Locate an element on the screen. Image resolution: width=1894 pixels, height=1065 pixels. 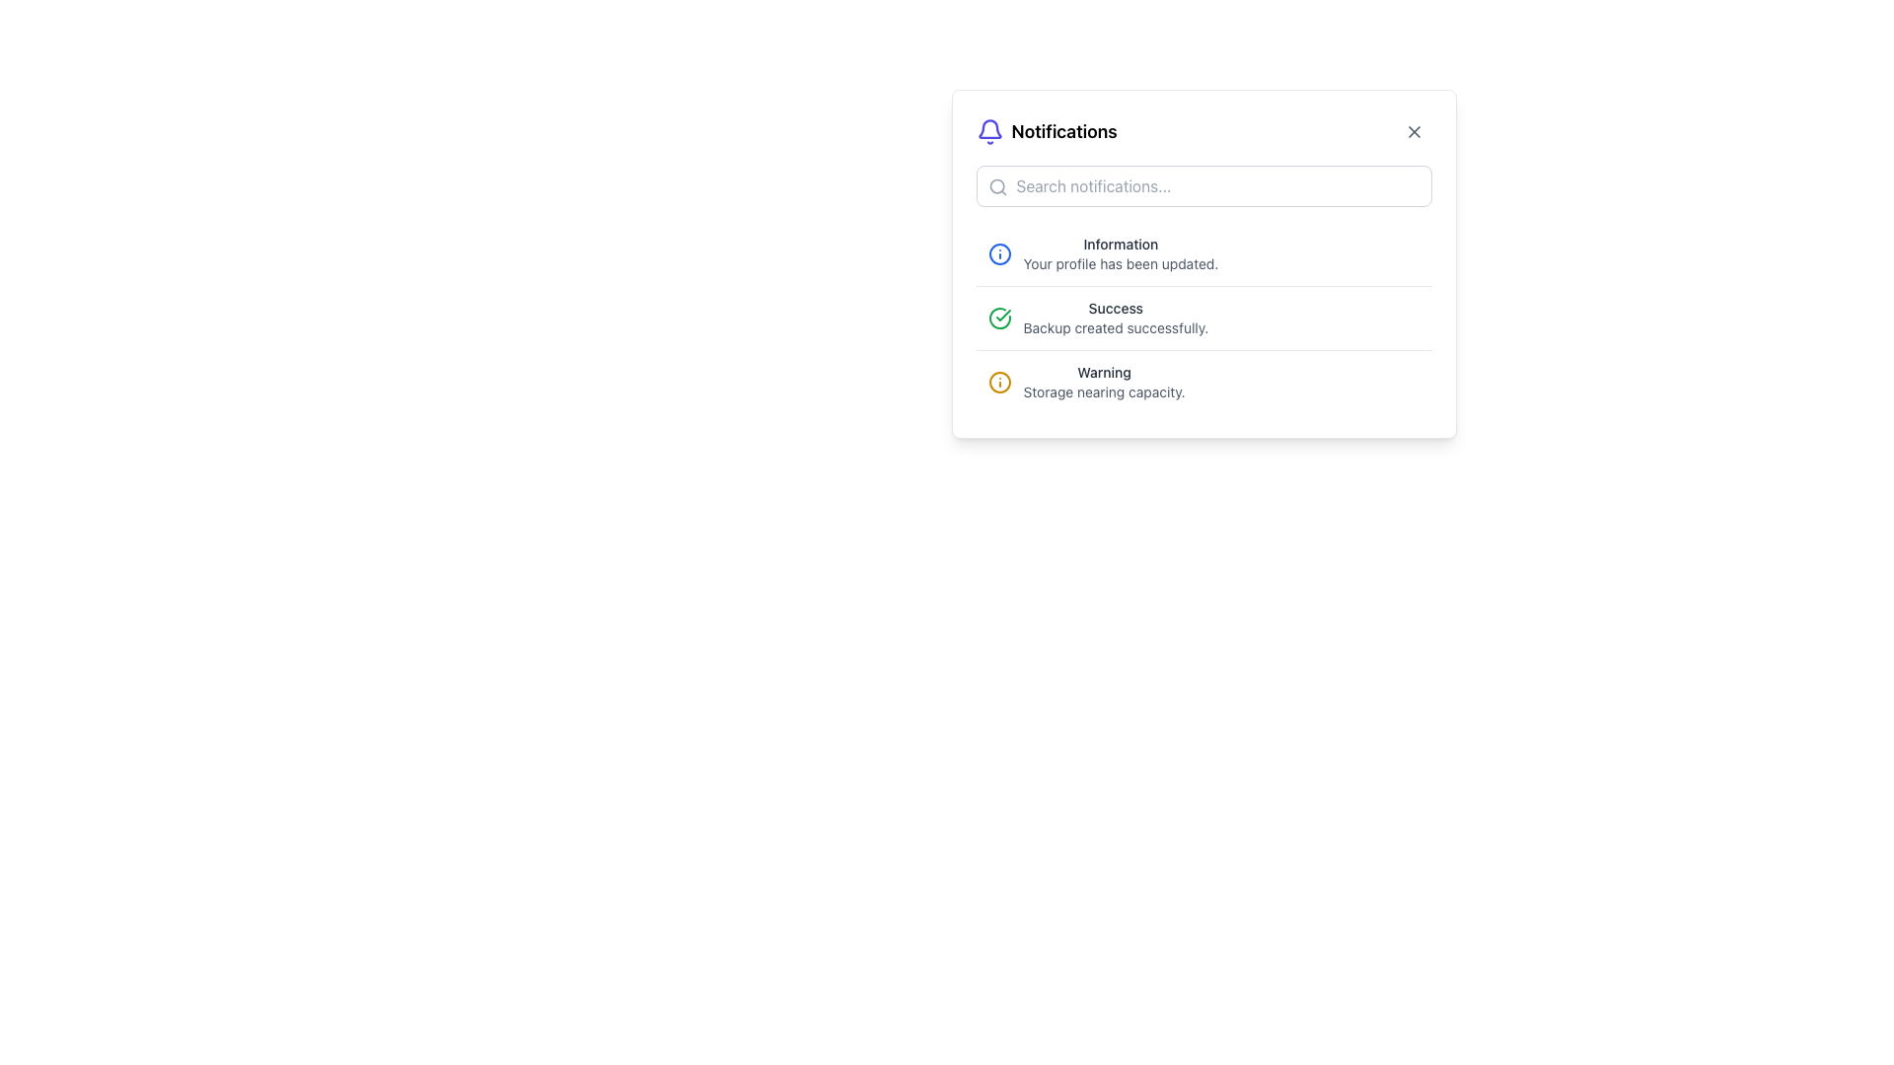
text label that displays 'Warning' in bold and dark gray color, which is part of the notification message indicating 'Storage nearing capacity.' is located at coordinates (1103, 373).